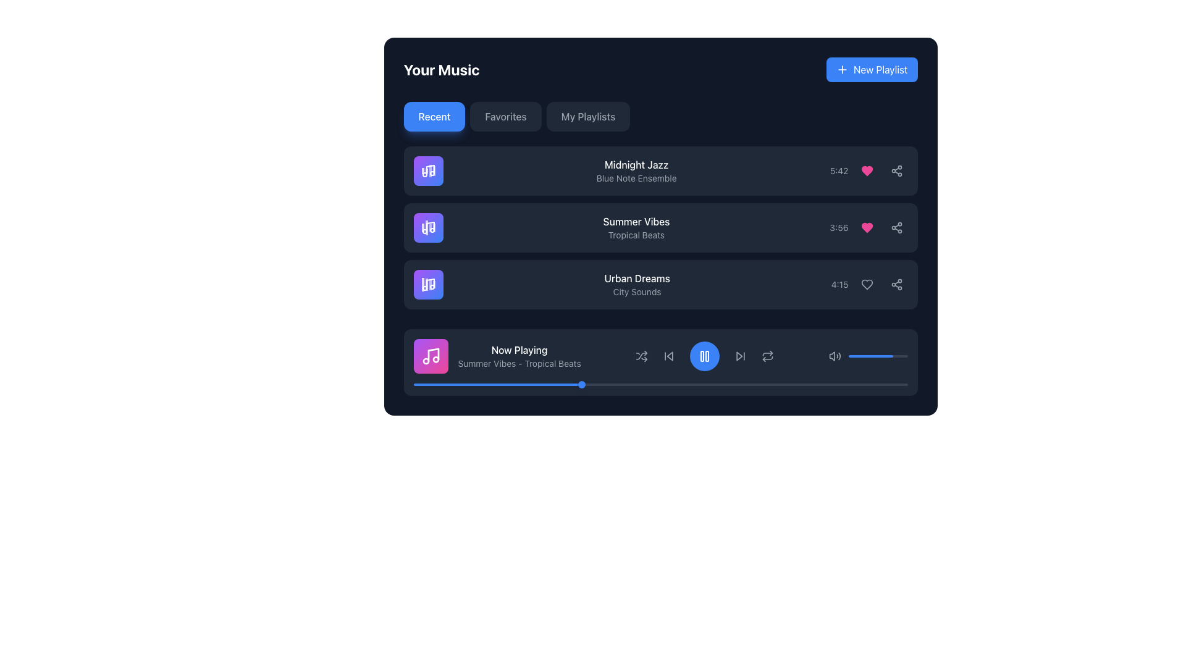  Describe the element at coordinates (767, 356) in the screenshot. I see `the repeat mode toggle button located immediately to the right of the play button in the control bar of the music player interface` at that location.